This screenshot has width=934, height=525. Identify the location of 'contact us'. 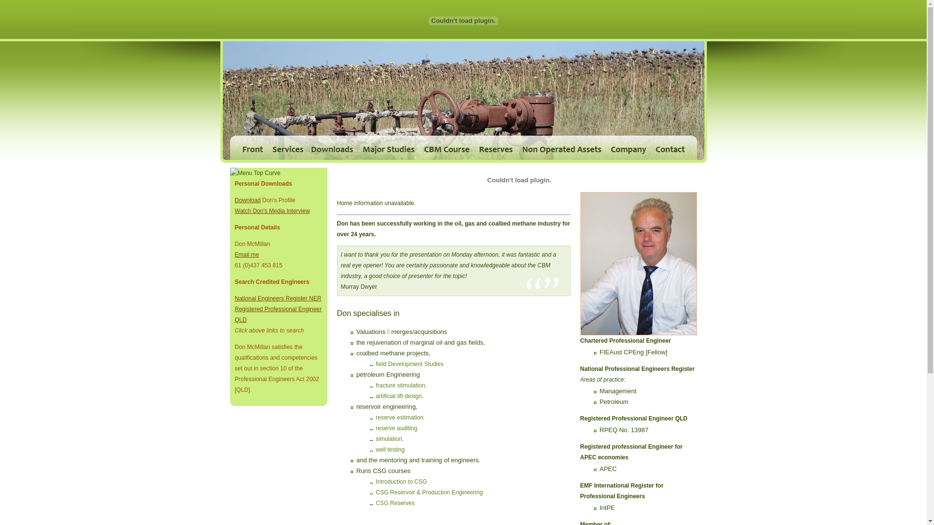
(673, 148).